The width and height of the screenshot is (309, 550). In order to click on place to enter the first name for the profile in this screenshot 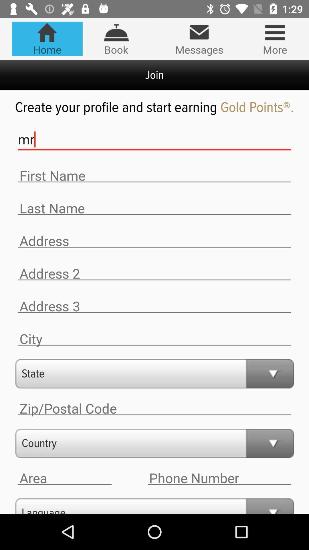, I will do `click(154, 175)`.